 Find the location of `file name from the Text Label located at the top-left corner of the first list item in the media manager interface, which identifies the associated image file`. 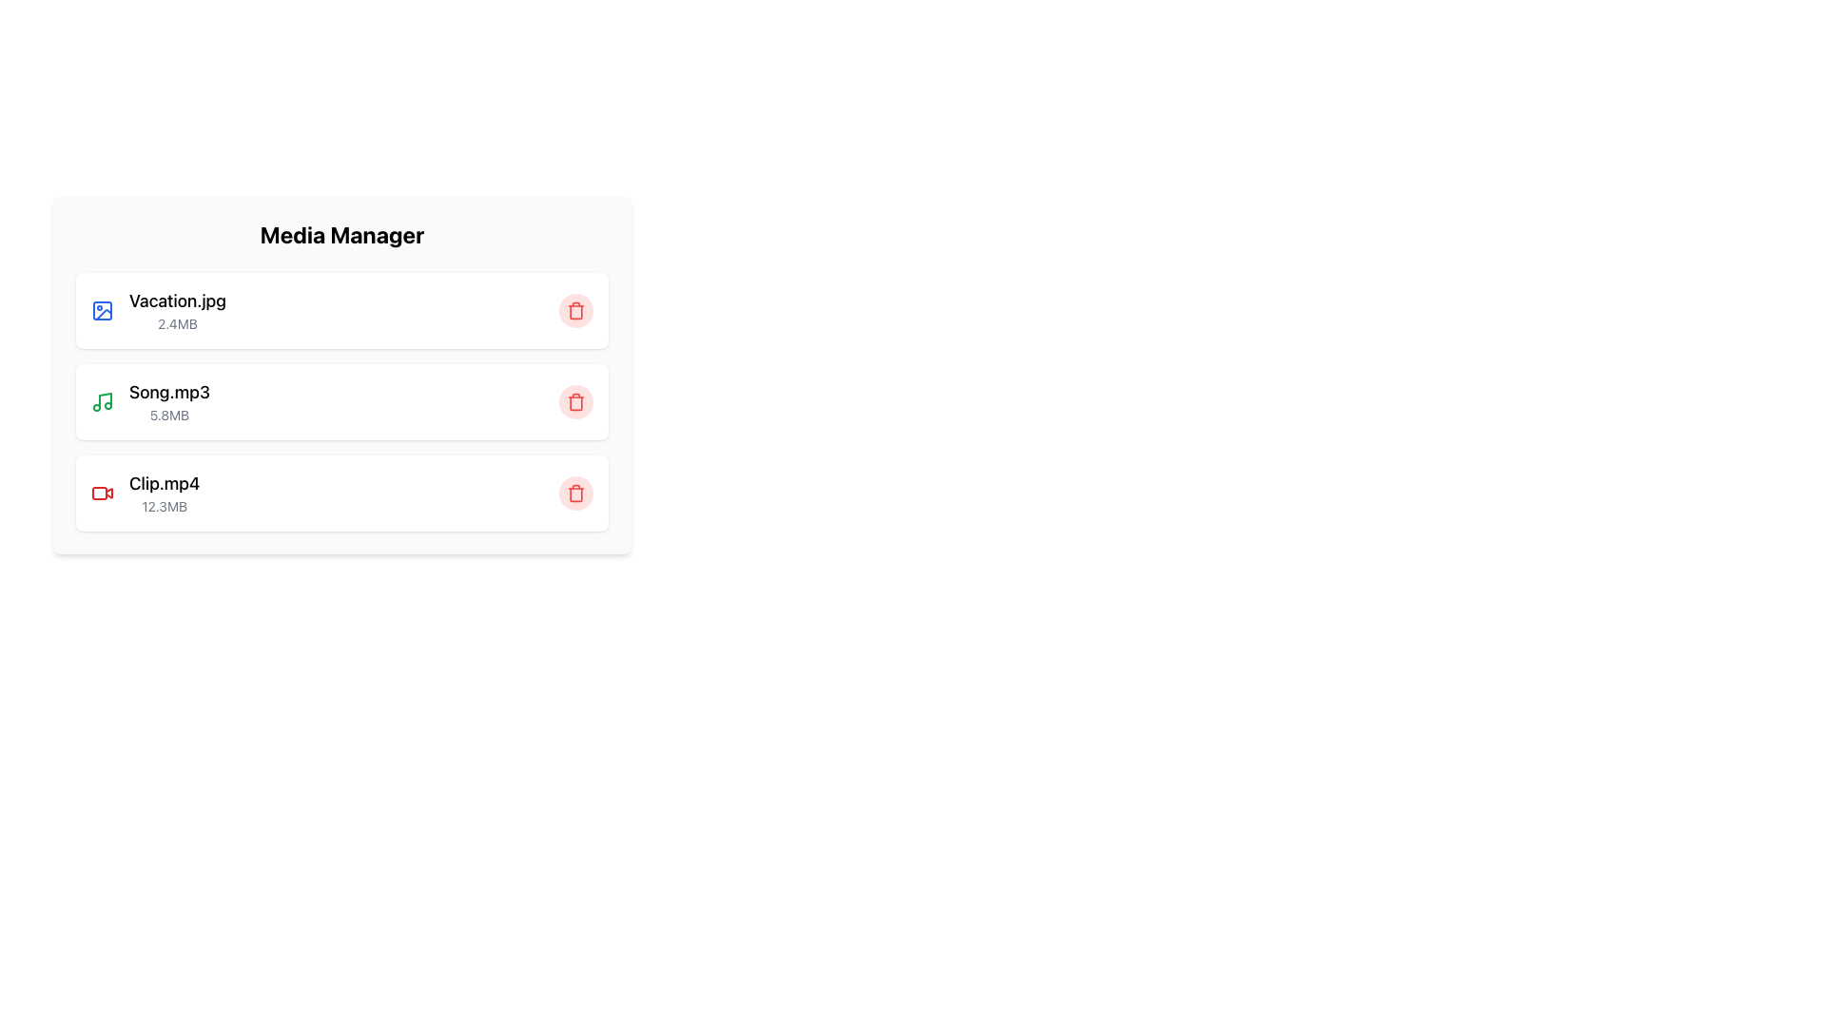

file name from the Text Label located at the top-left corner of the first list item in the media manager interface, which identifies the associated image file is located at coordinates (178, 300).